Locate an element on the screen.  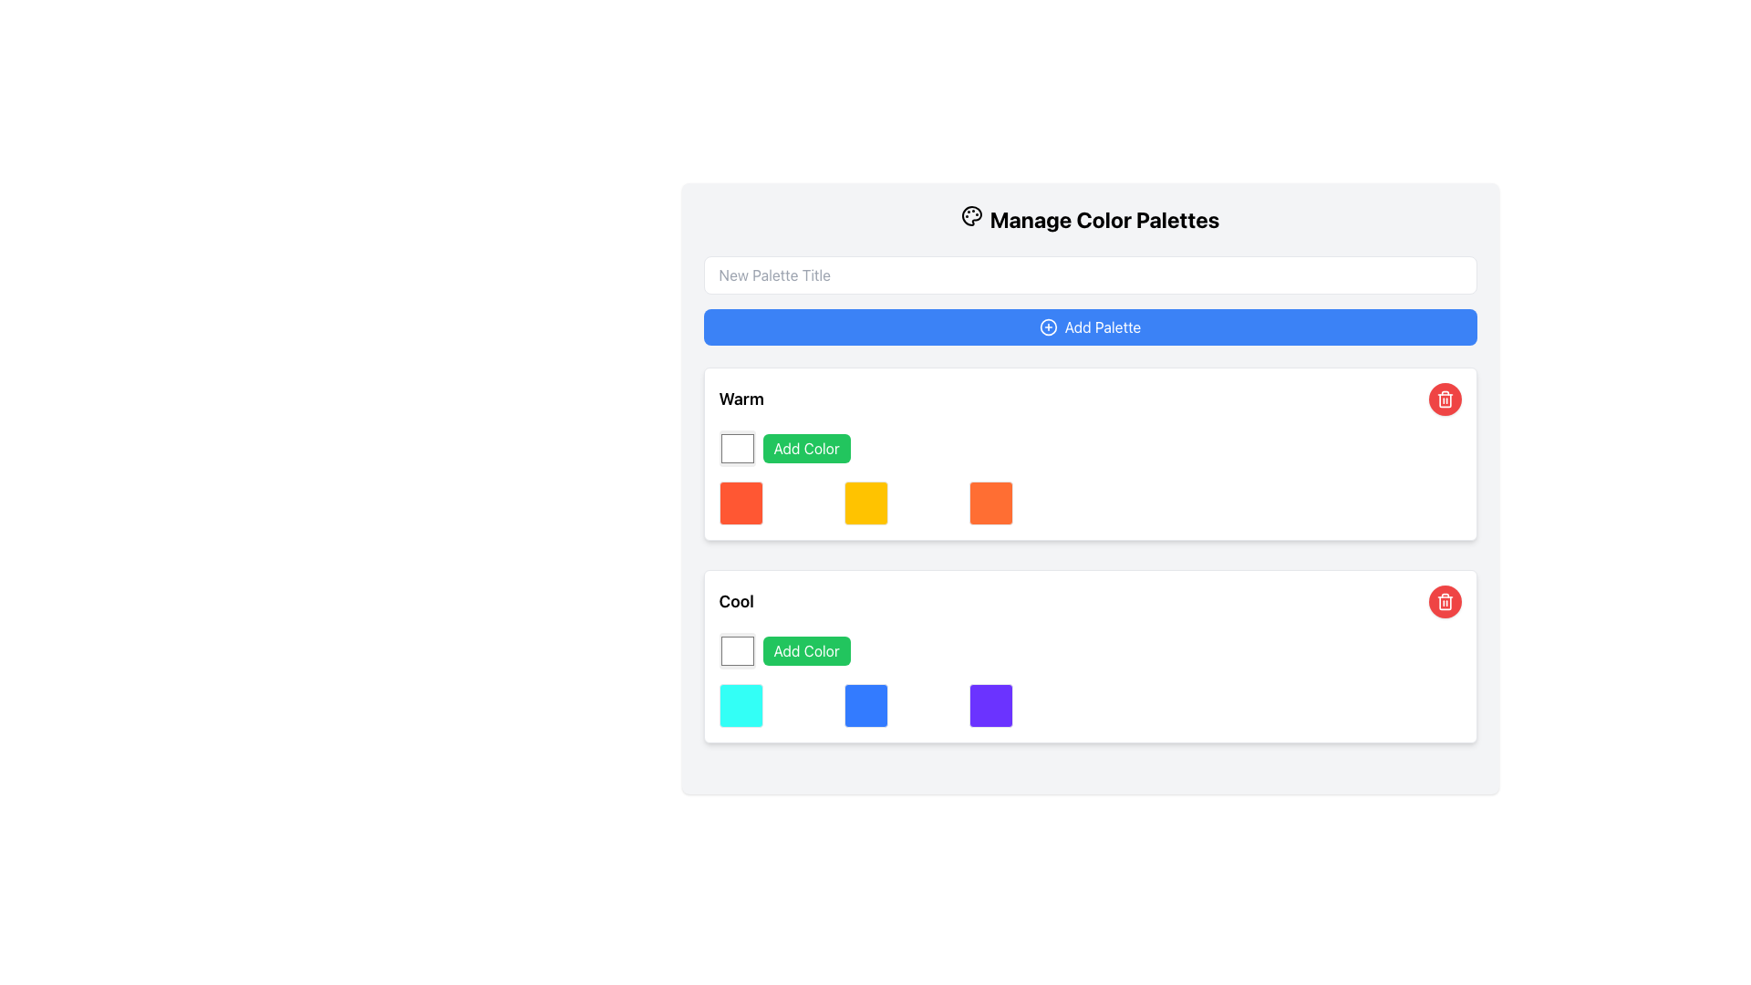
the color swatch representing a sample in the 'Cool' color palette, located as the third box in the row of colored boxes is located at coordinates (989, 705).